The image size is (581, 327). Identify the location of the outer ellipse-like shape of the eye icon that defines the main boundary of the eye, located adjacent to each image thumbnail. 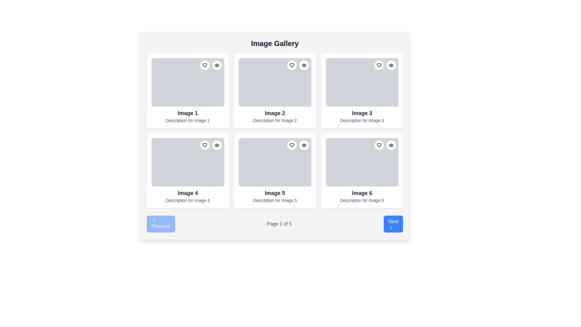
(217, 145).